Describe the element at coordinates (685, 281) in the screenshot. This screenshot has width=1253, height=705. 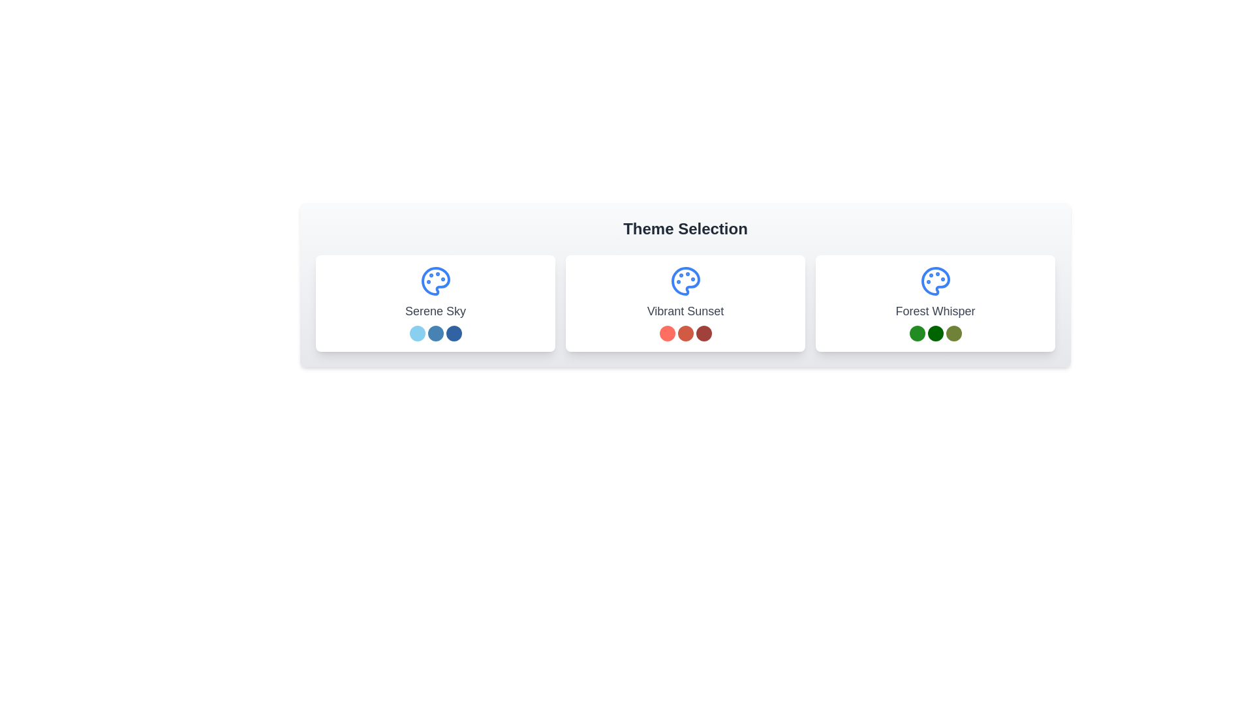
I see `the second palette icon representing the 'Vibrant Sunset' theme located in the middle section of the layout` at that location.